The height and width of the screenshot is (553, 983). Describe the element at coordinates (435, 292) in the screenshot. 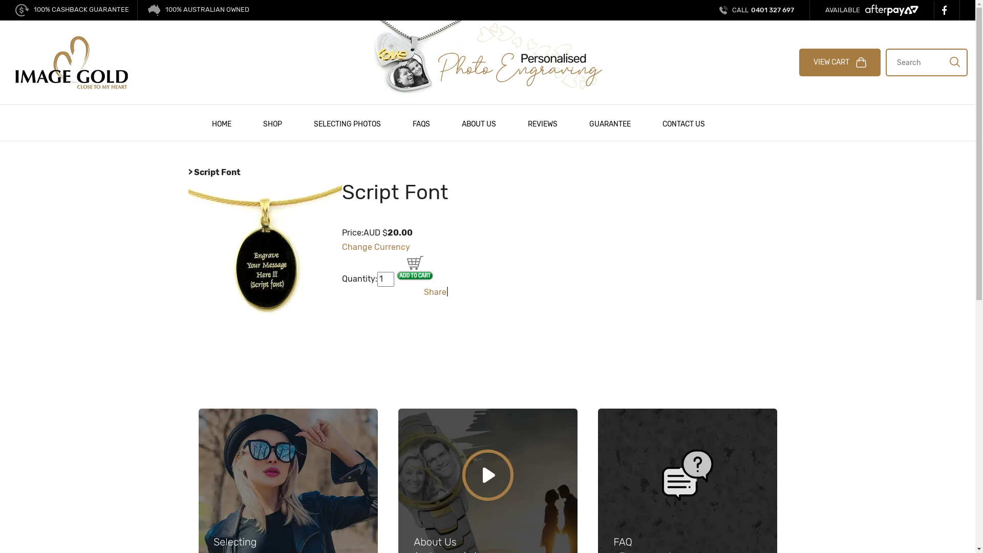

I see `'Share'` at that location.